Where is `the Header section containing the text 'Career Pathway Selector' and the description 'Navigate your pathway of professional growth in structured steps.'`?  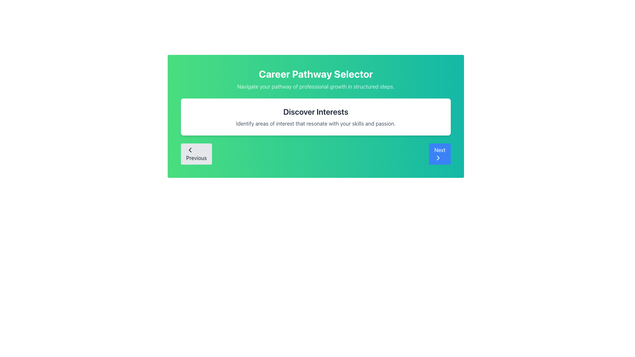
the Header section containing the text 'Career Pathway Selector' and the description 'Navigate your pathway of professional growth in structured steps.' is located at coordinates (316, 79).